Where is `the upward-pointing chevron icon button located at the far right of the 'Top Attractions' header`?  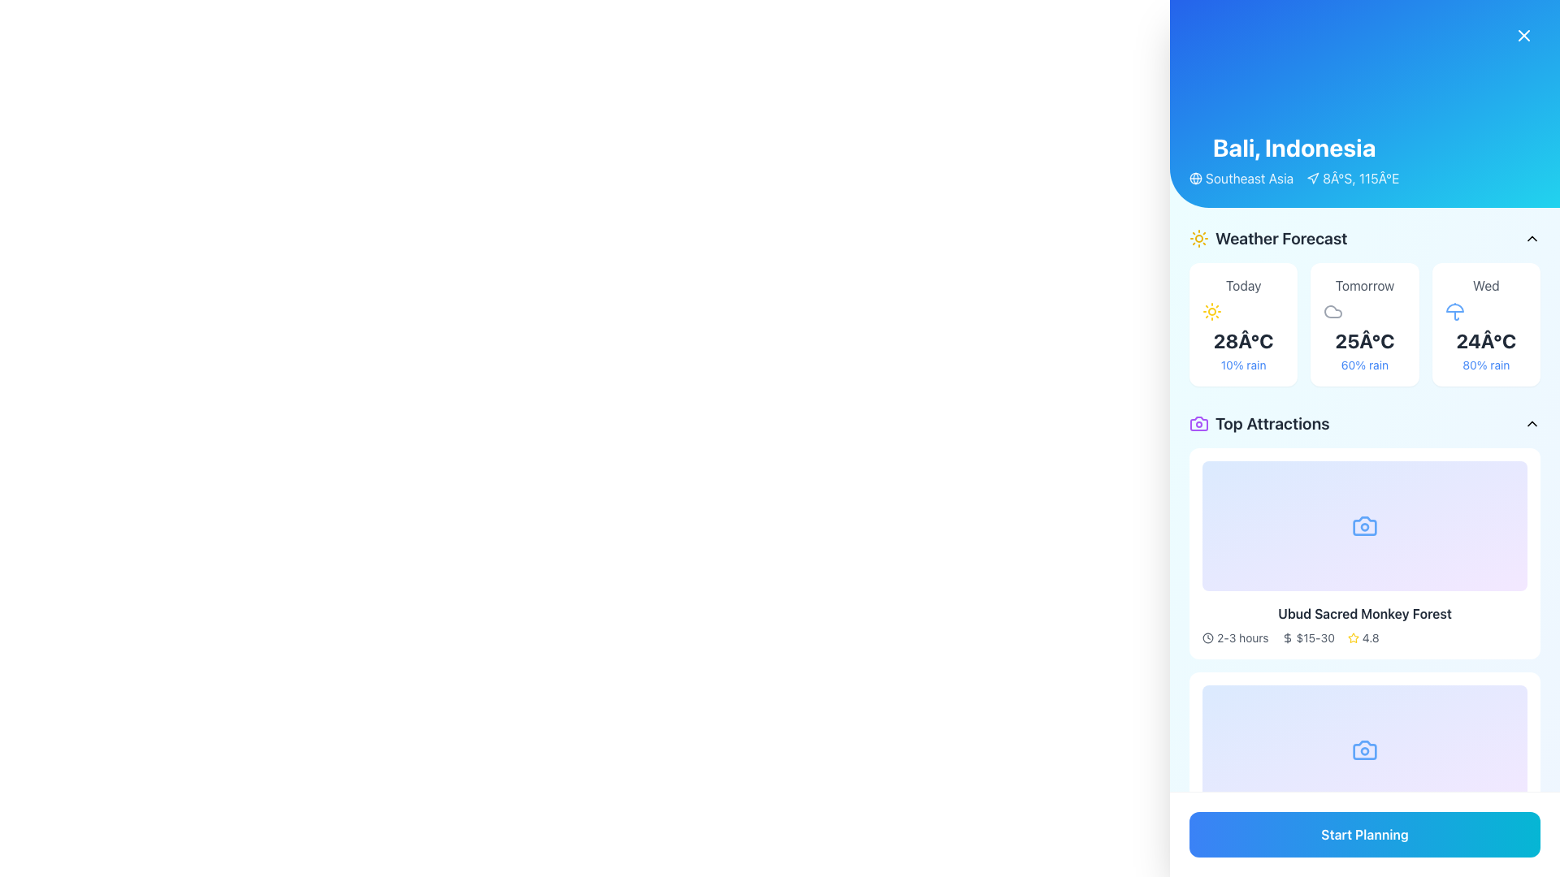
the upward-pointing chevron icon button located at the far right of the 'Top Attractions' header is located at coordinates (1532, 422).